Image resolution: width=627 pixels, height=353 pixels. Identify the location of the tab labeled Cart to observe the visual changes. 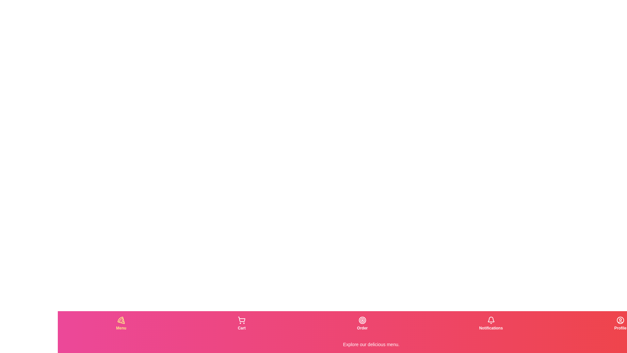
(241, 324).